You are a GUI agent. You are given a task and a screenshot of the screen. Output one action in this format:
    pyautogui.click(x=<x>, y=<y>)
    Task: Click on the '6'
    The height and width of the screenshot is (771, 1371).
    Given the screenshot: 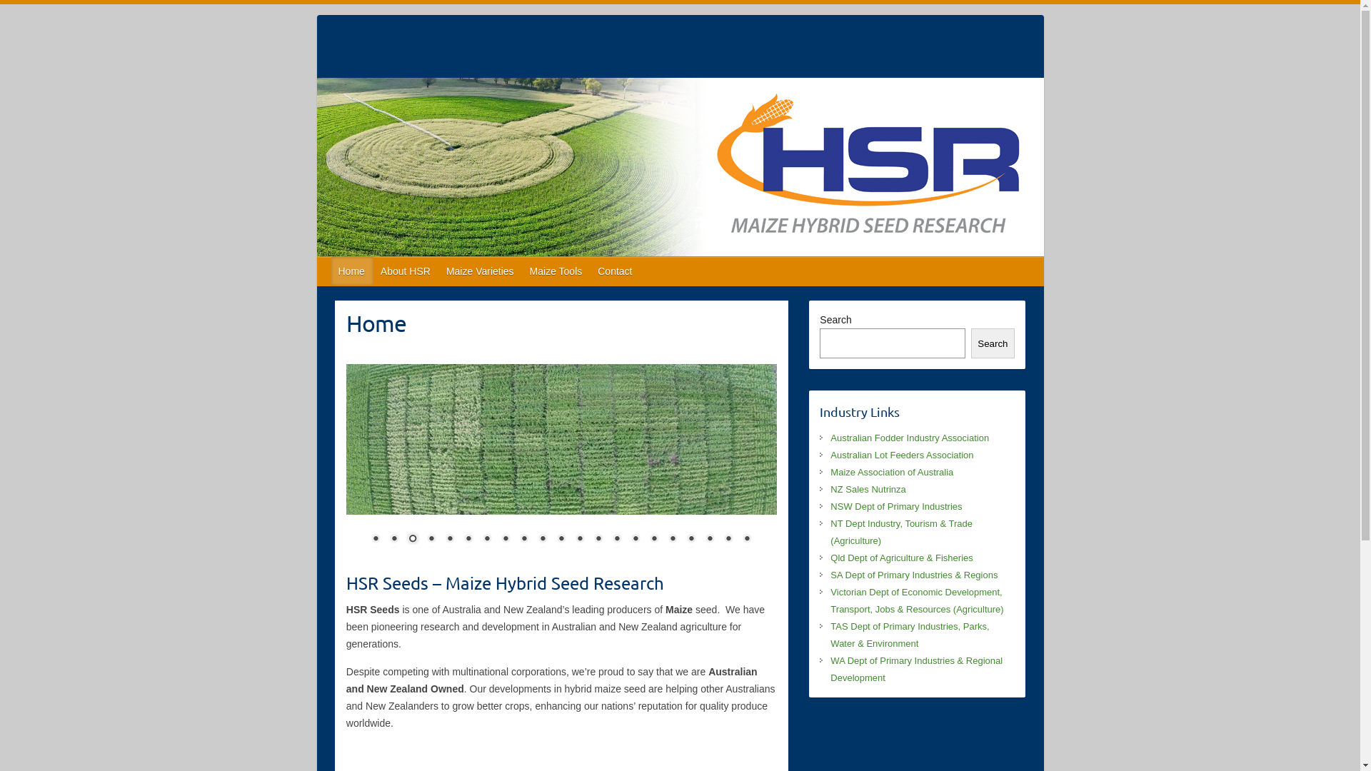 What is the action you would take?
    pyautogui.click(x=468, y=540)
    